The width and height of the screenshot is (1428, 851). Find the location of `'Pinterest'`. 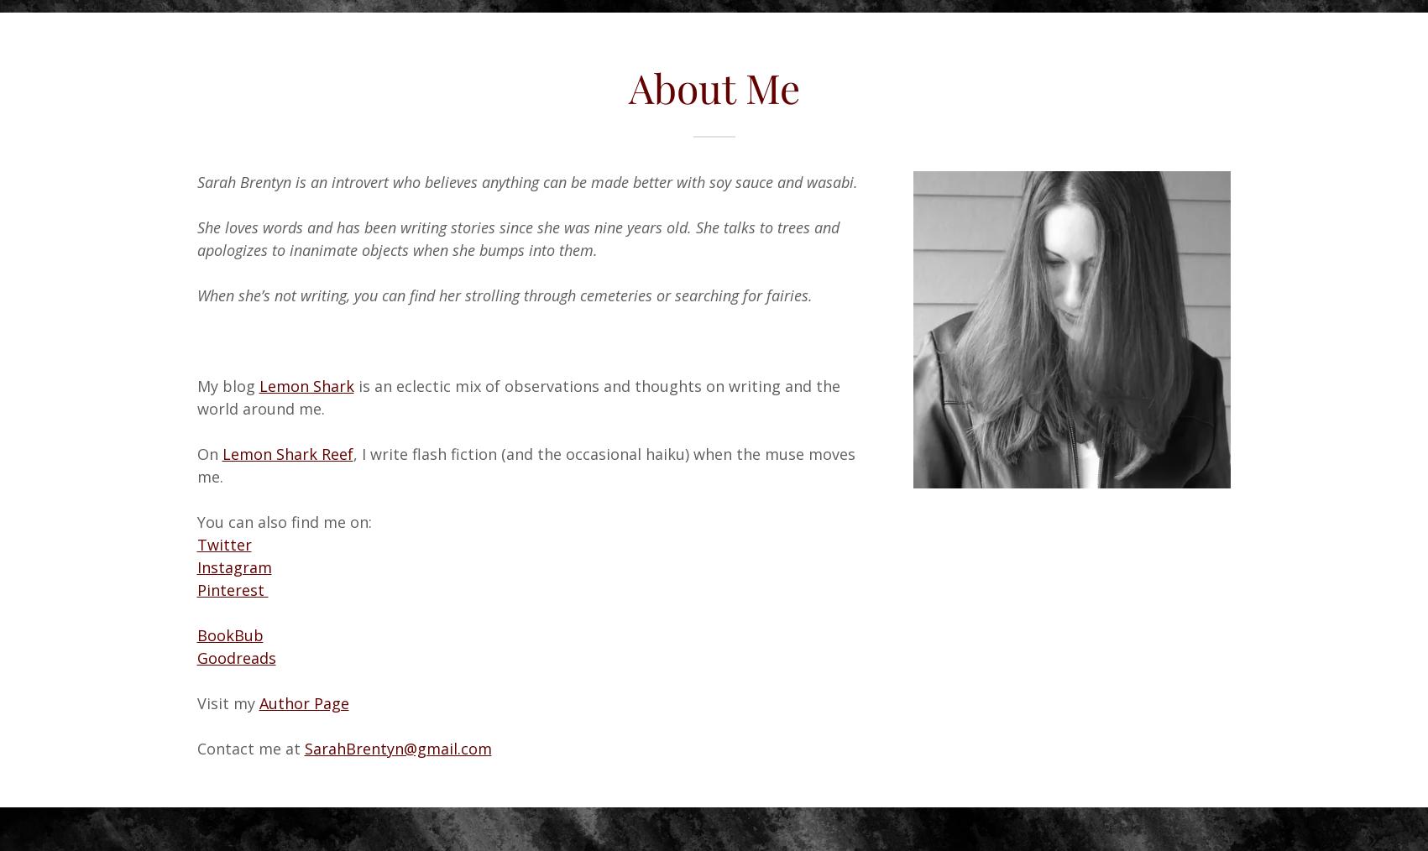

'Pinterest' is located at coordinates (232, 587).